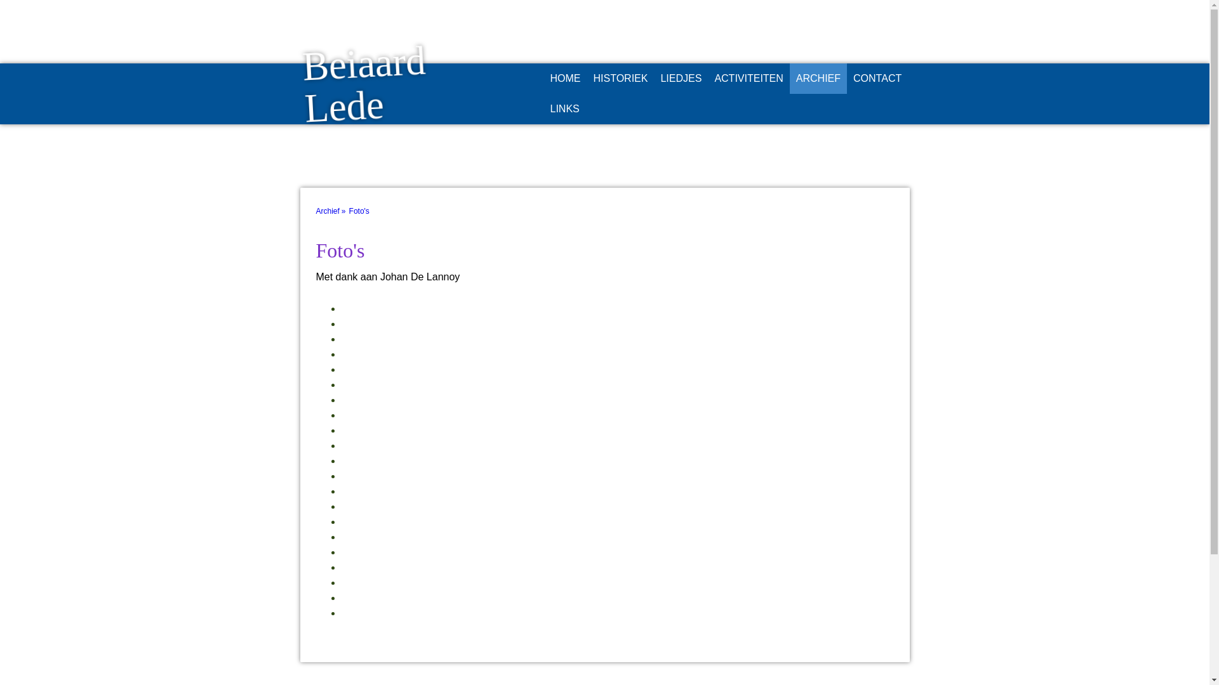  Describe the element at coordinates (395, 121) in the screenshot. I see `'Beiaard Lede'` at that location.